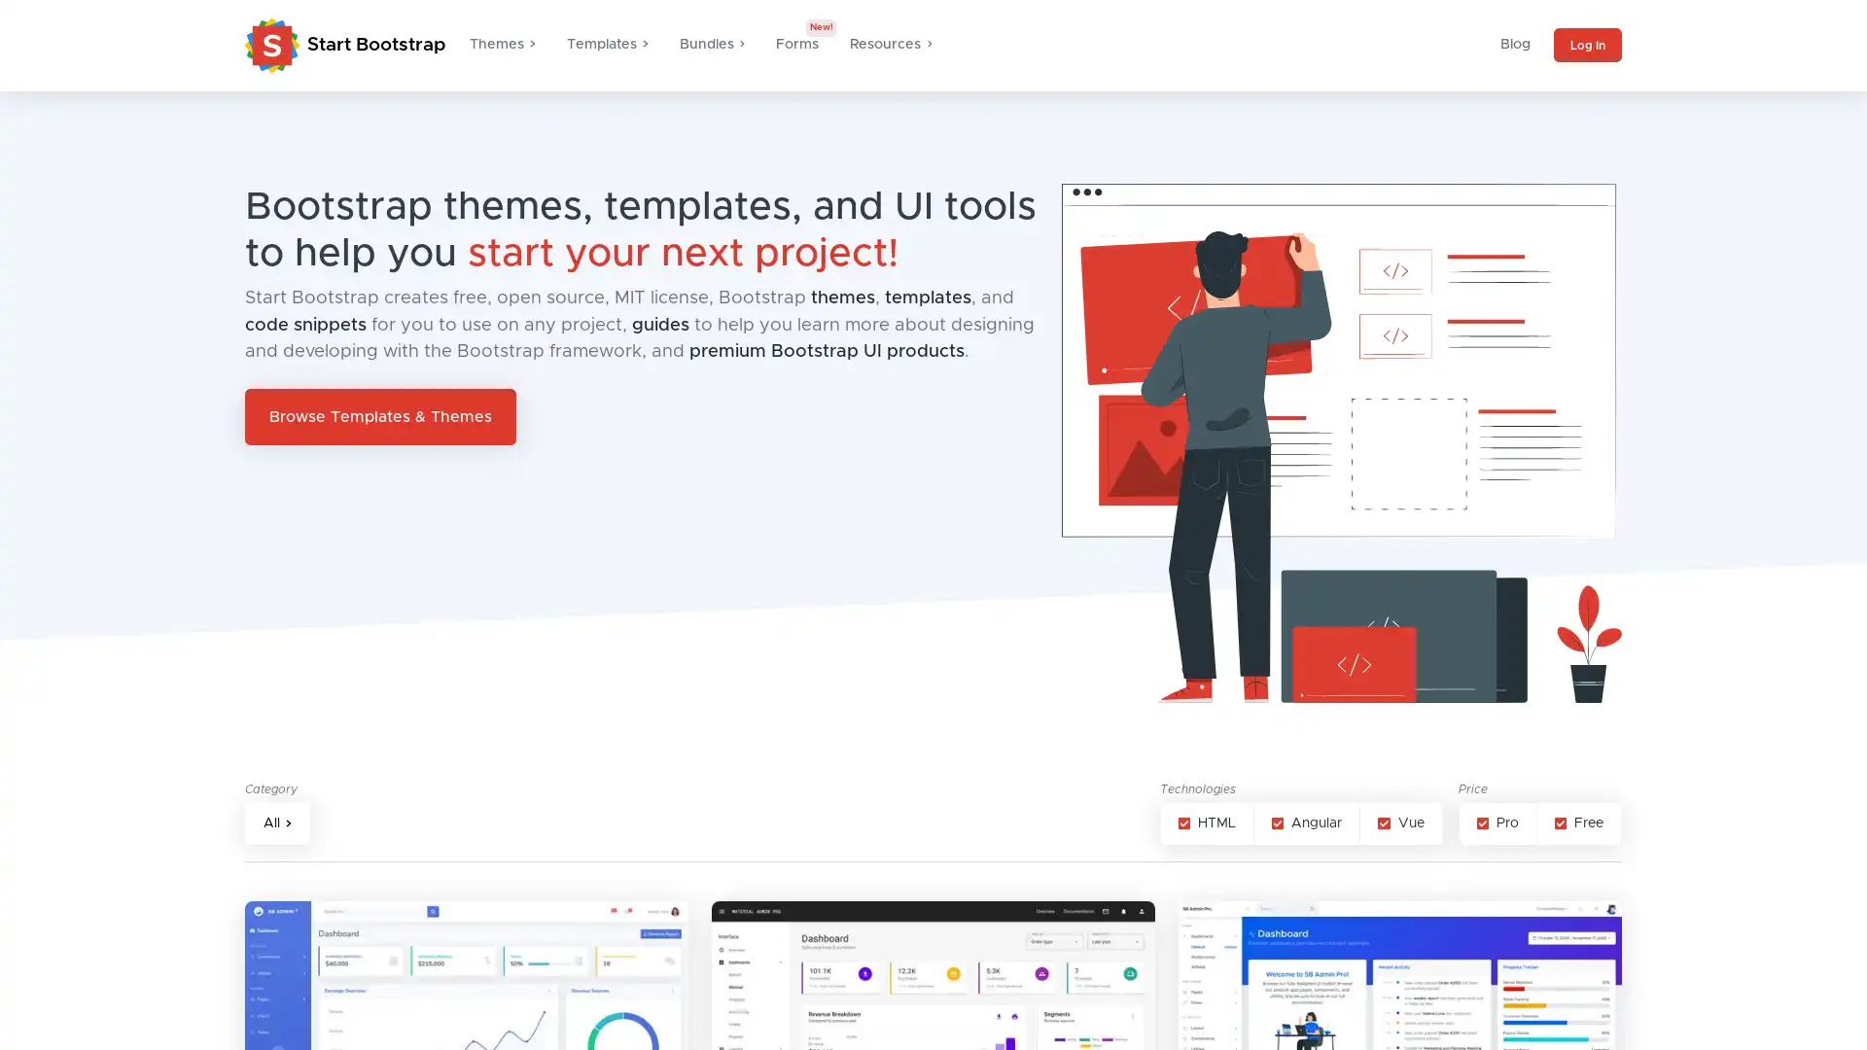  Describe the element at coordinates (1587, 44) in the screenshot. I see `Log In` at that location.